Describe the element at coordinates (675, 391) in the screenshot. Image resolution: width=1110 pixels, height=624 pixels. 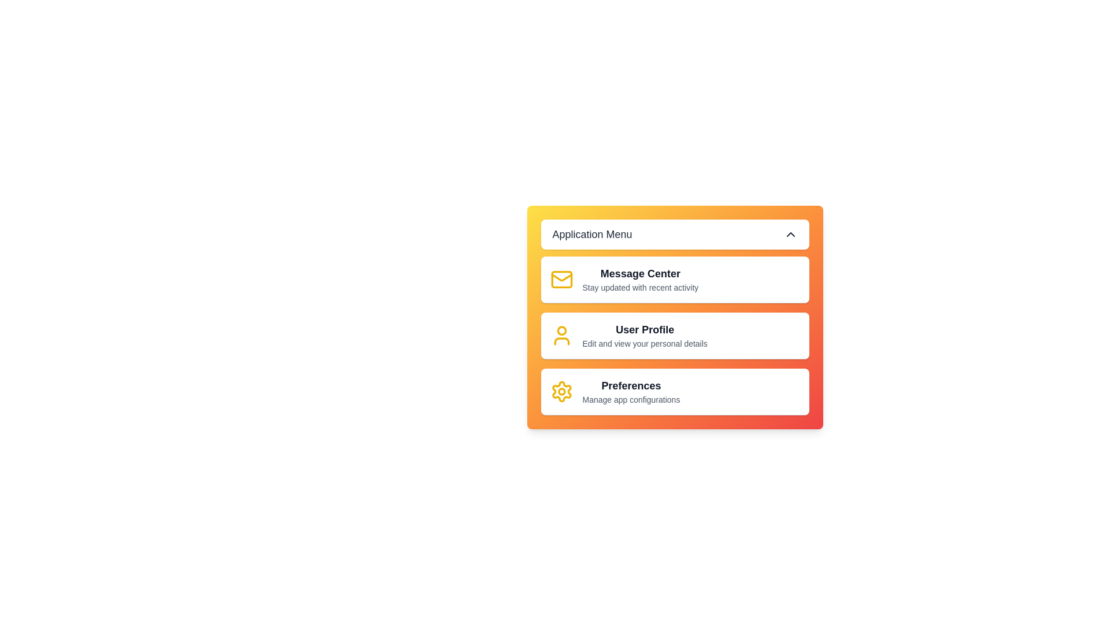
I see `the menu item corresponding to Preferences` at that location.